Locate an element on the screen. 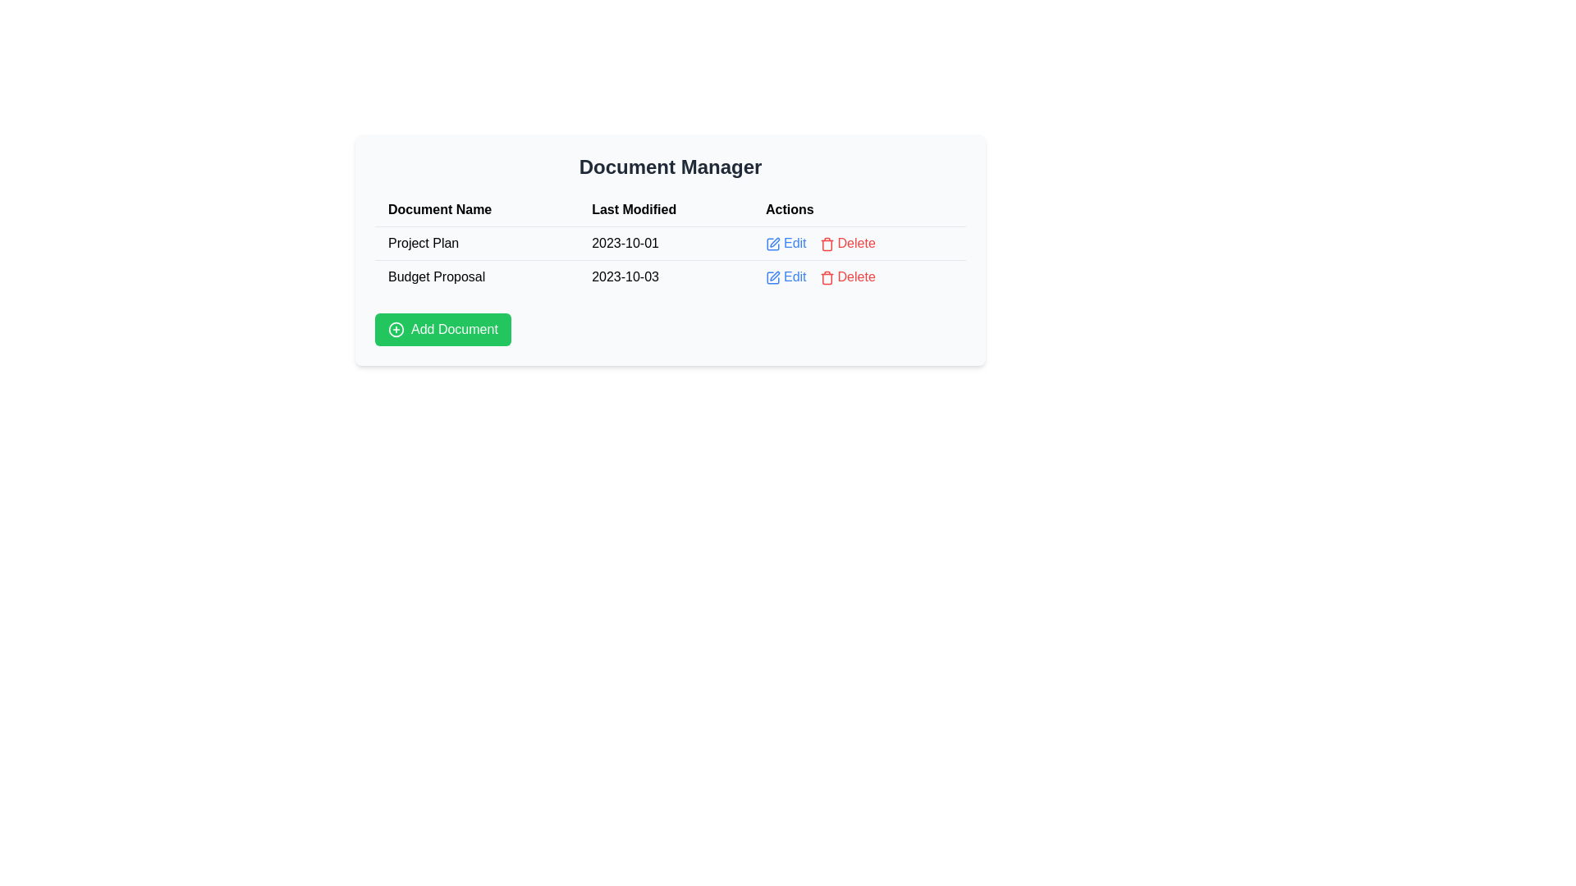  the first 'Edit' button in the 'Actions' column of the 'Document Manager' table is located at coordinates (785, 244).